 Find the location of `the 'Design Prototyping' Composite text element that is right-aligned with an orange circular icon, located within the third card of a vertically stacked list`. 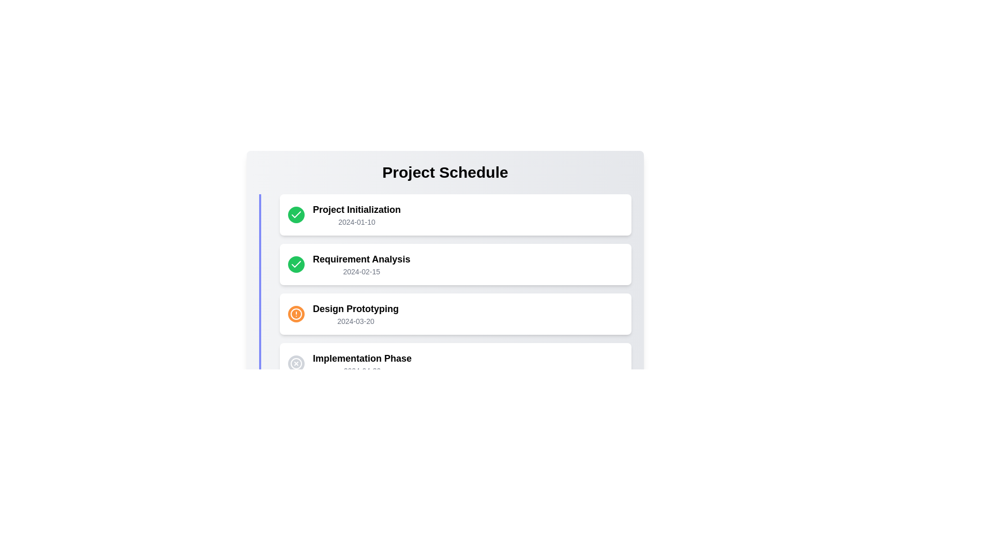

the 'Design Prototyping' Composite text element that is right-aligned with an orange circular icon, located within the third card of a vertically stacked list is located at coordinates (355, 314).